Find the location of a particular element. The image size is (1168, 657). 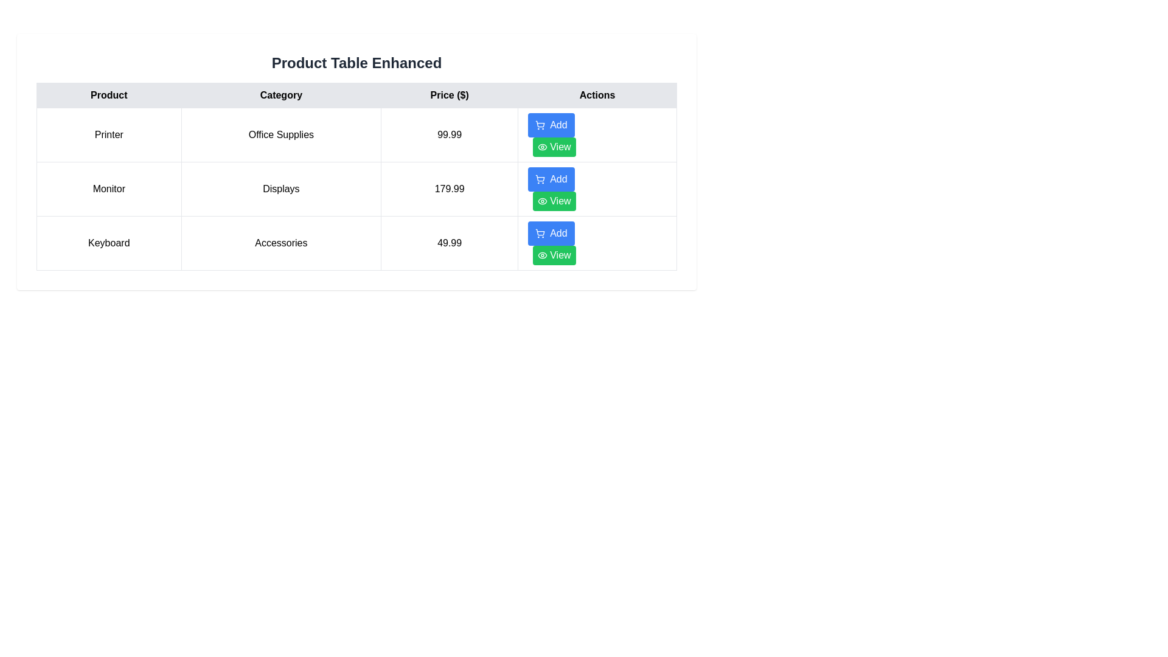

the green 'View' button with an eye icon located in the last row of the 'Actions' column, to the right of the 'Add' button is located at coordinates (554, 147).